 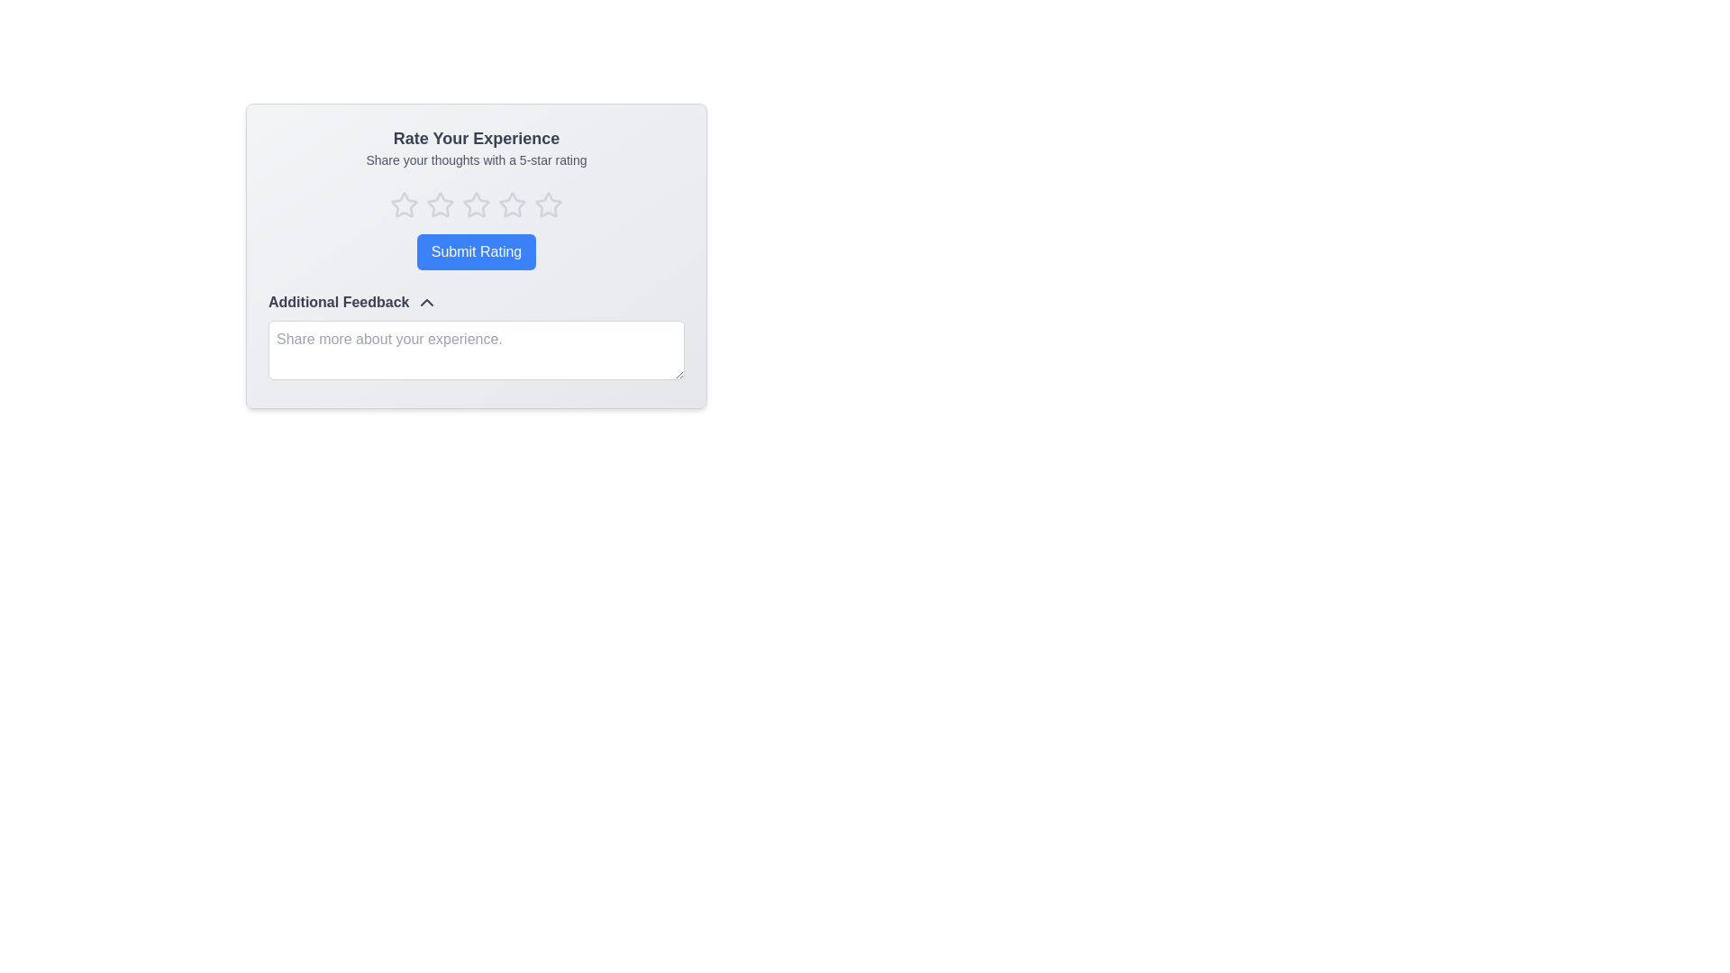 I want to click on the third star-shaped rating icon, so click(x=441, y=204).